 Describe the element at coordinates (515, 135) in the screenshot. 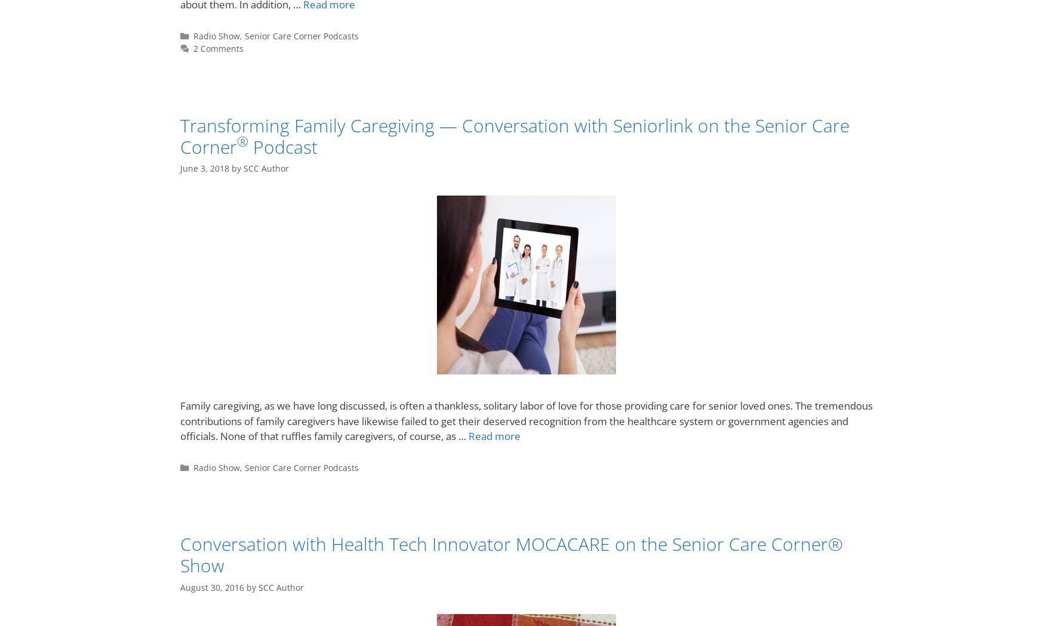

I see `'Transforming Family Caregiving — Conversation with Seniorlink on the Senior Care Corner'` at that location.